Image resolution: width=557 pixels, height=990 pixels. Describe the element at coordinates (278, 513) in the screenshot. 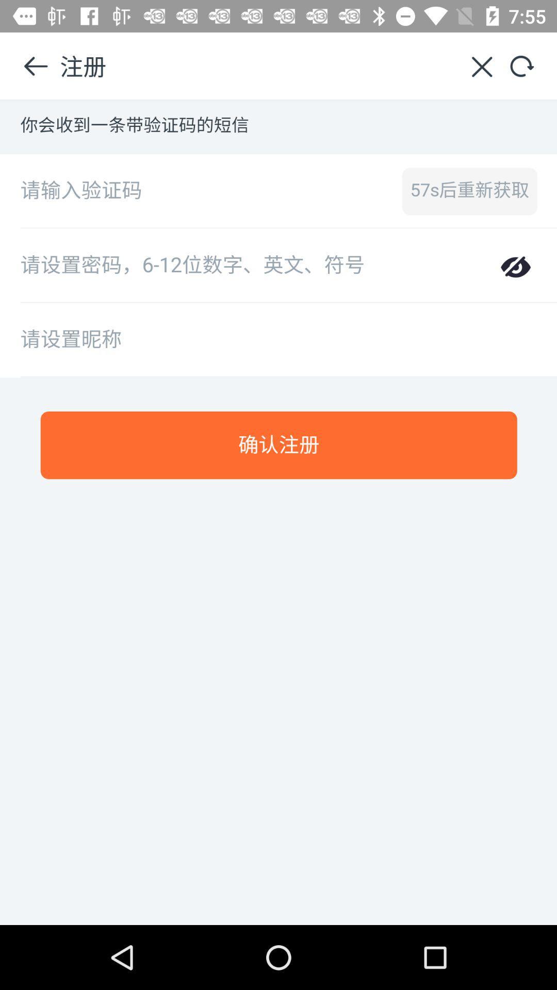

I see `main image screen` at that location.